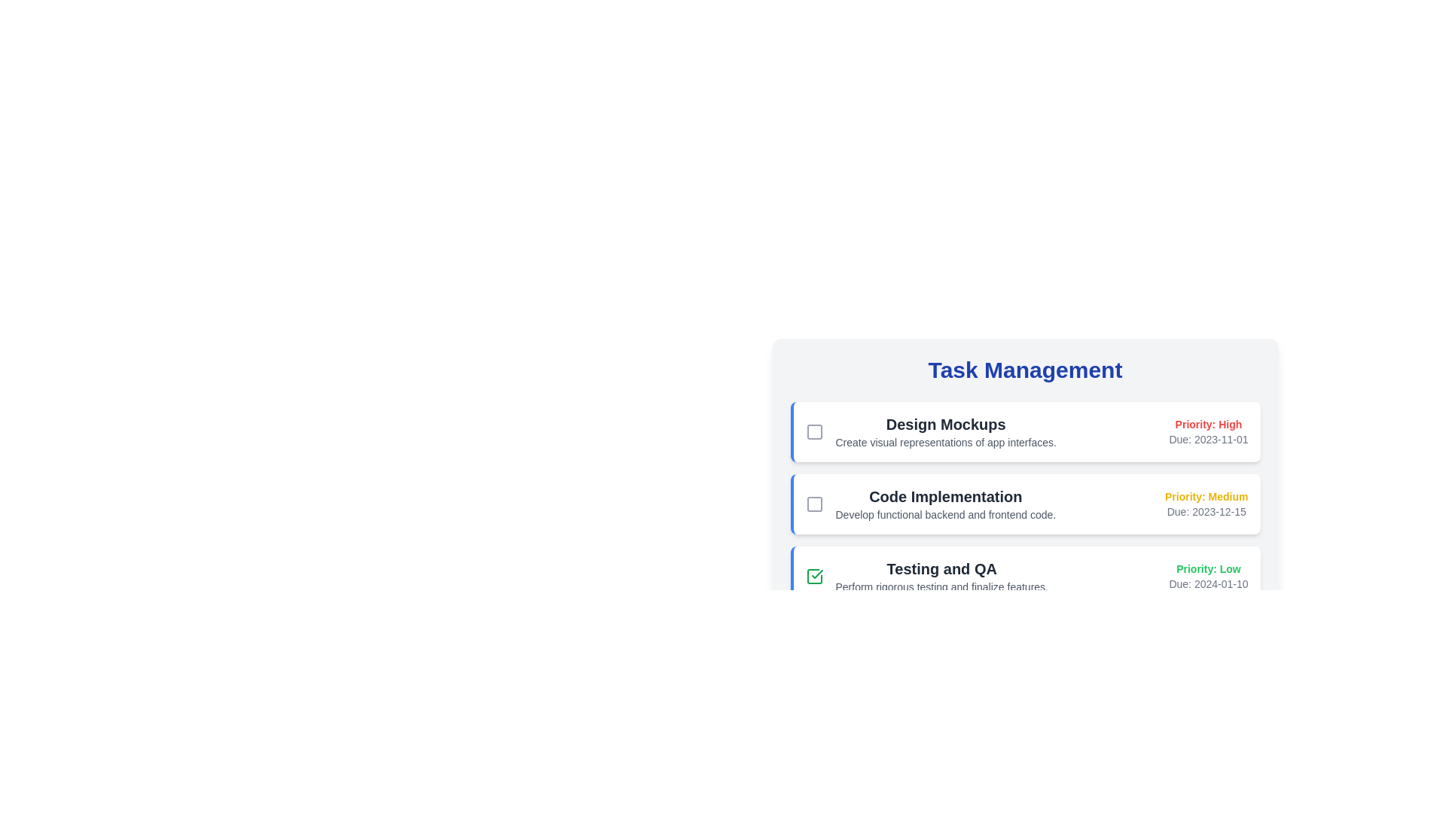  I want to click on the status button located in the top-left corner of the second task item in the vertical list, so click(813, 504).